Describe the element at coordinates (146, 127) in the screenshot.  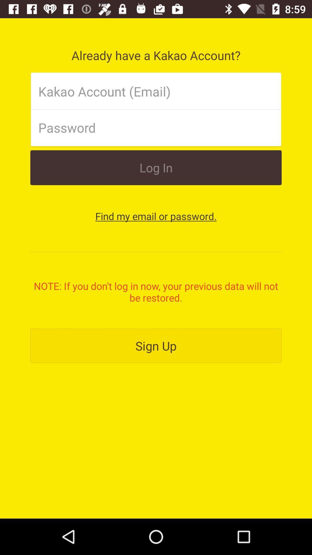
I see `password` at that location.